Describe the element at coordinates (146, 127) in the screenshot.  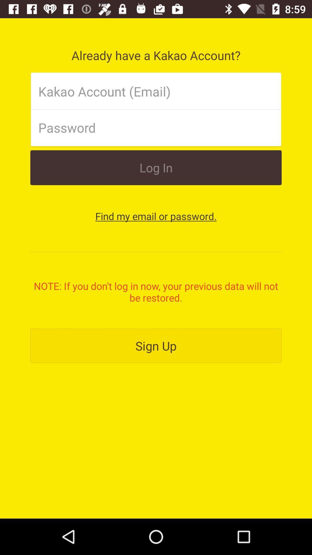
I see `password` at that location.